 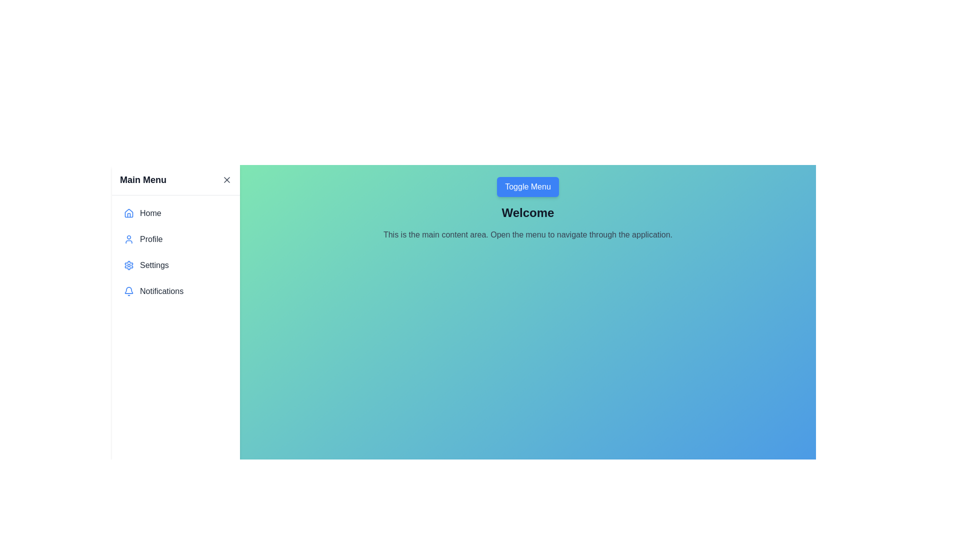 What do you see at coordinates (128, 239) in the screenshot?
I see `the user profile icon located in the sidebar menu under the 'Profile' label` at bounding box center [128, 239].